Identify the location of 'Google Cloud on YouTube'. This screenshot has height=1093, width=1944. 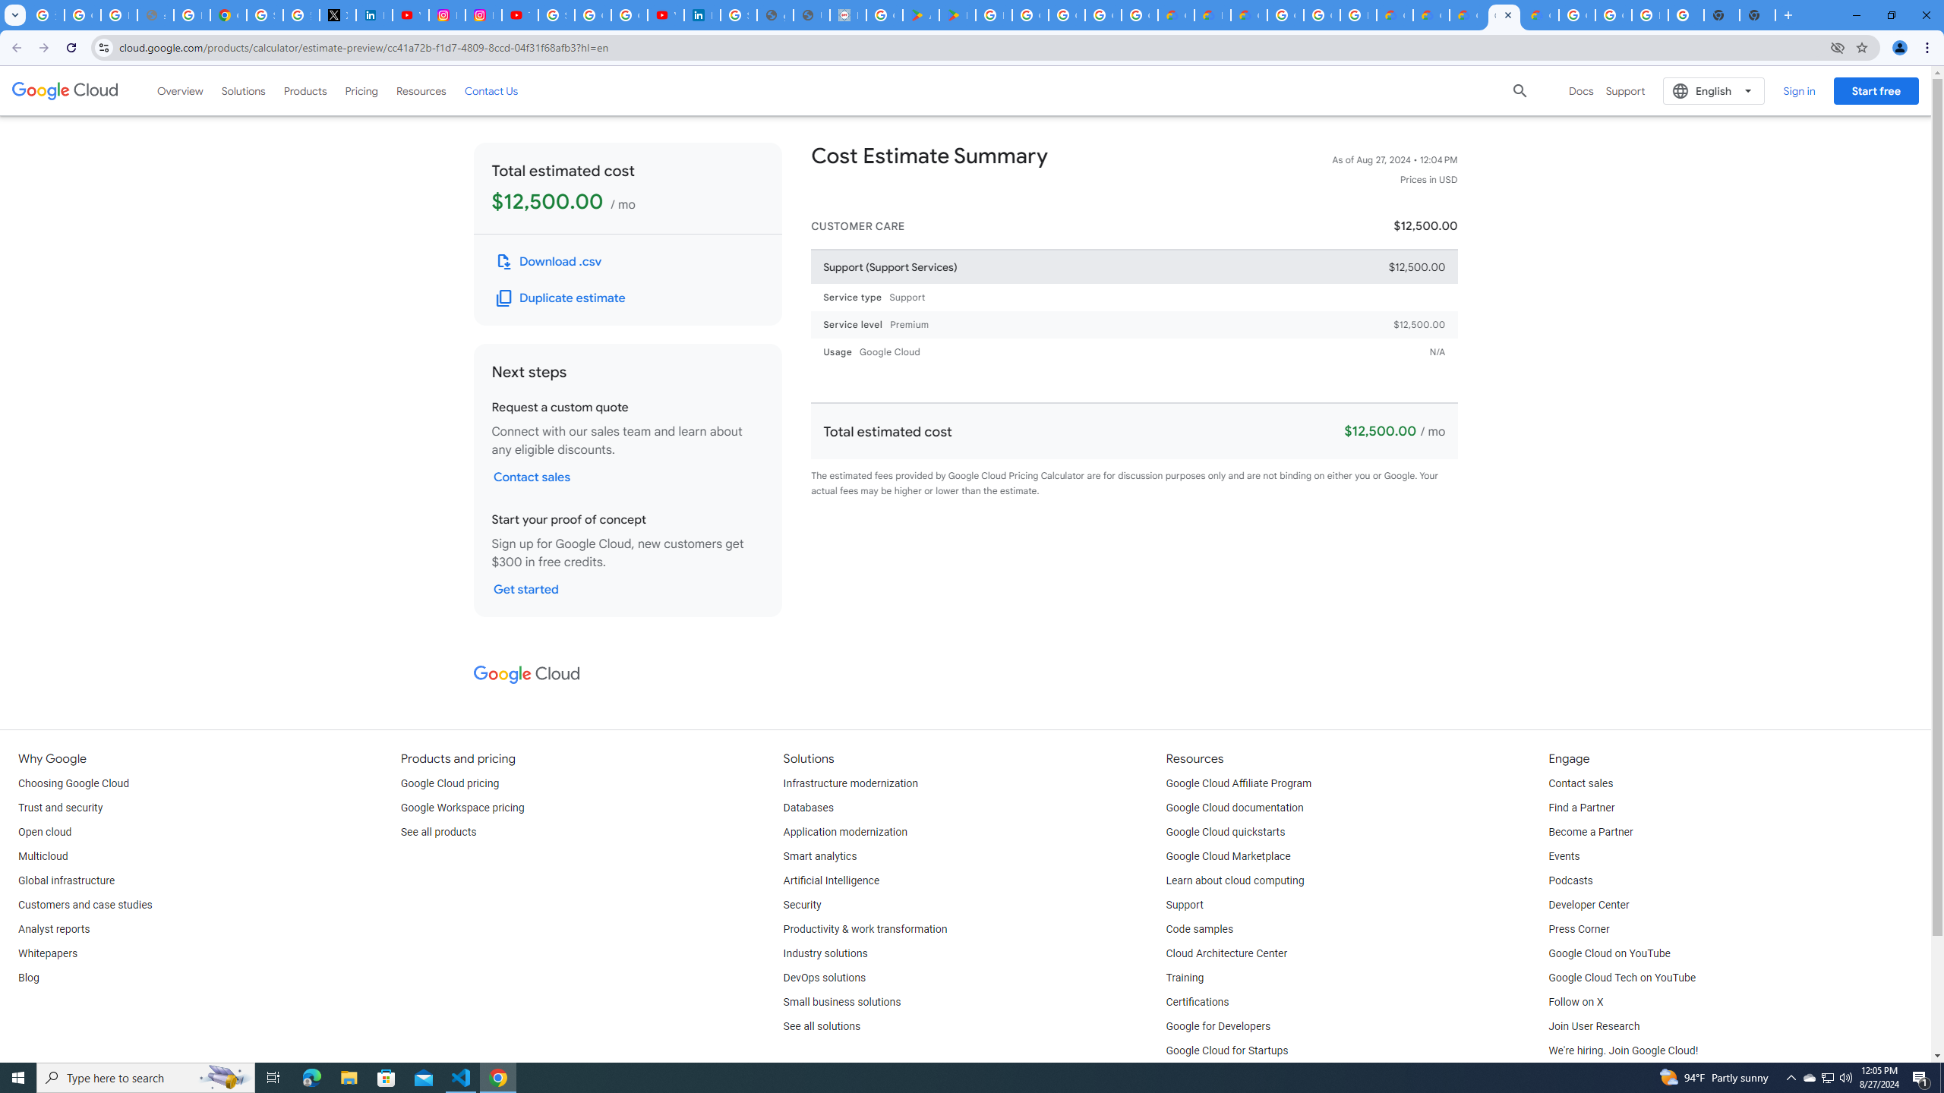
(1608, 953).